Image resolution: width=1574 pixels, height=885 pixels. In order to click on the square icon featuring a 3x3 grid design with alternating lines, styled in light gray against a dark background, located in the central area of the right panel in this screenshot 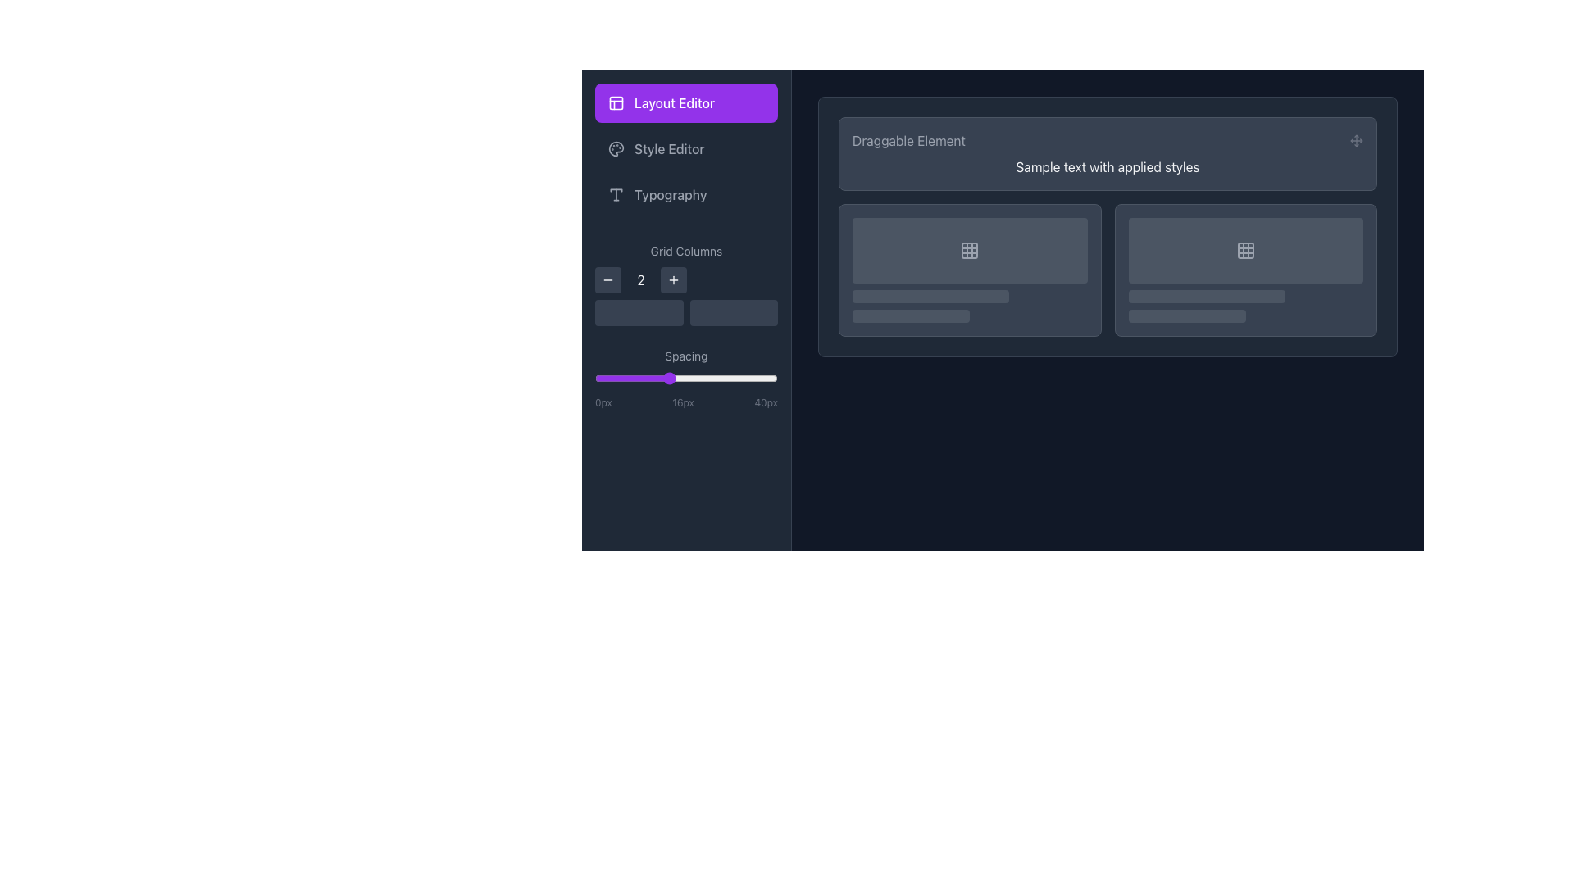, I will do `click(970, 250)`.